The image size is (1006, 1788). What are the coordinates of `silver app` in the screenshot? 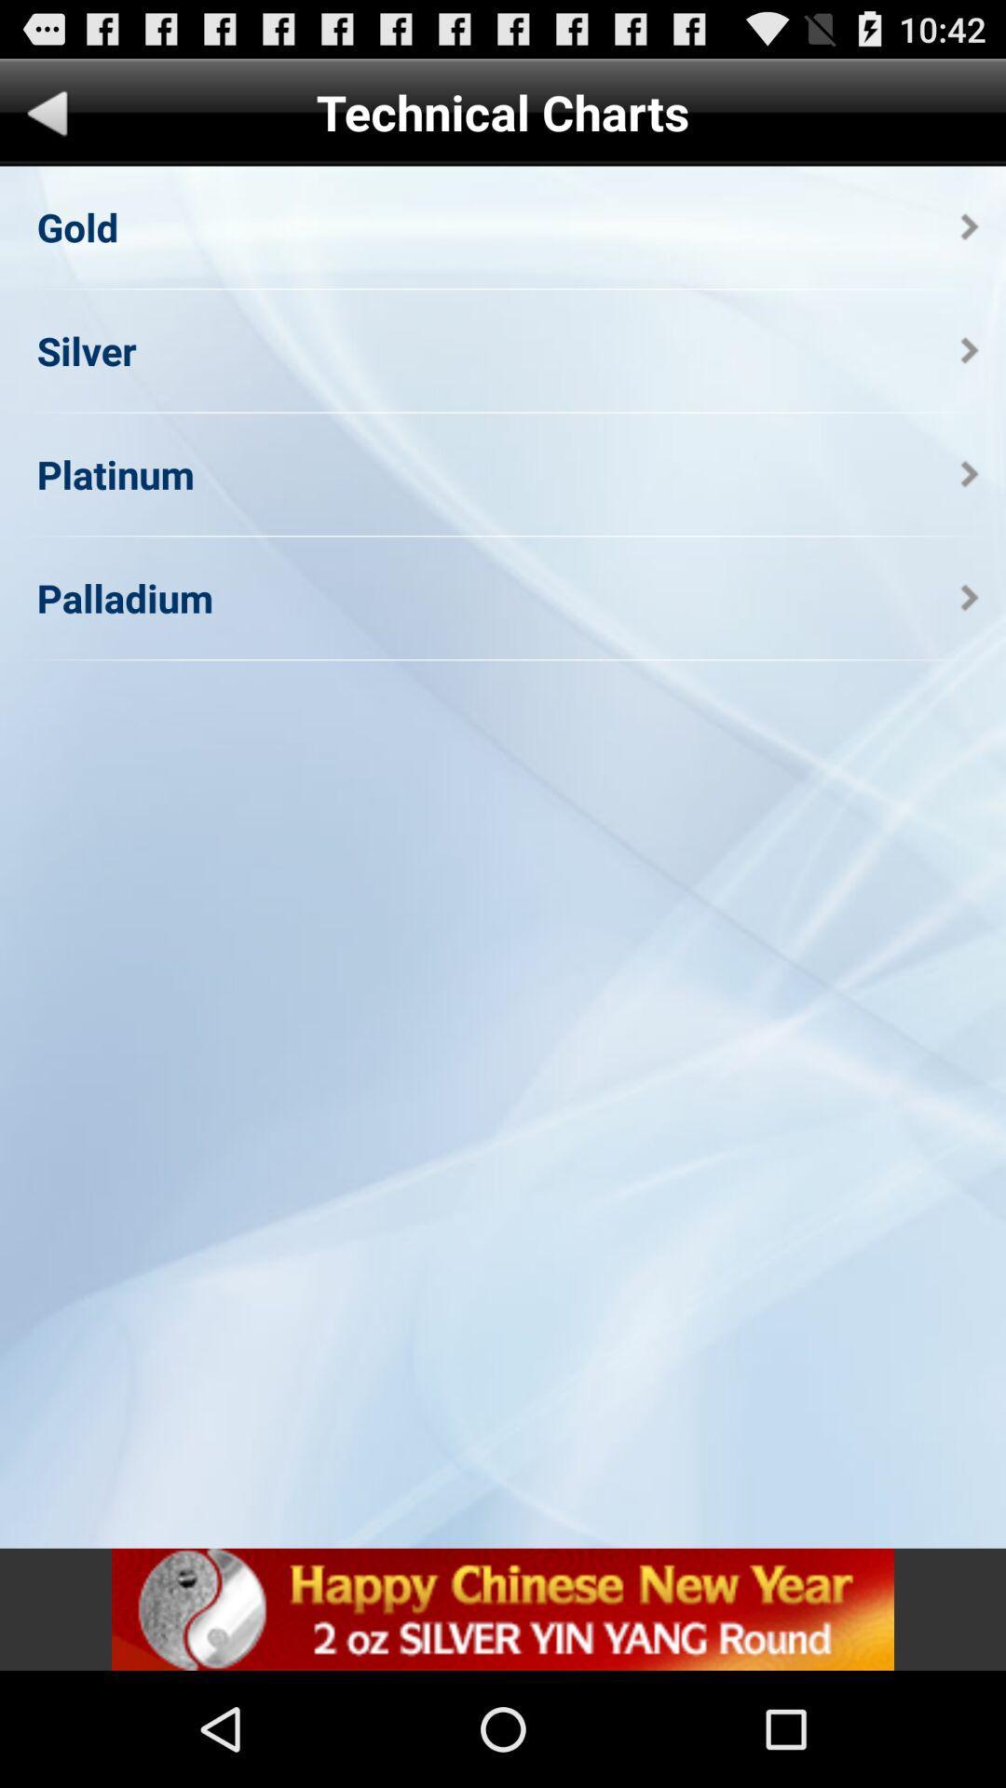 It's located at (86, 350).